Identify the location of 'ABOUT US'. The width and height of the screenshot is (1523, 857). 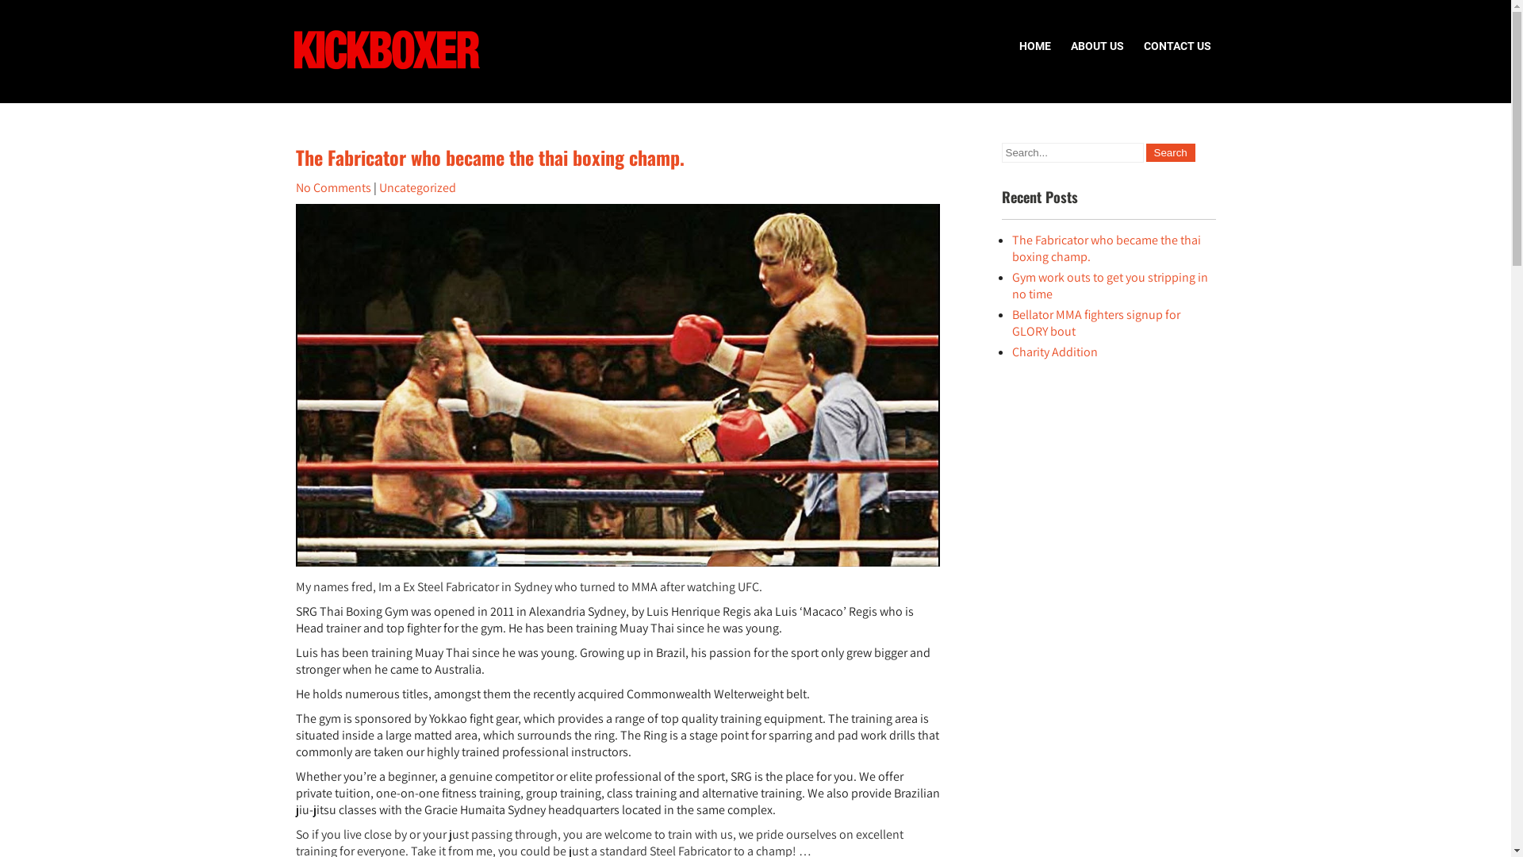
(1061, 44).